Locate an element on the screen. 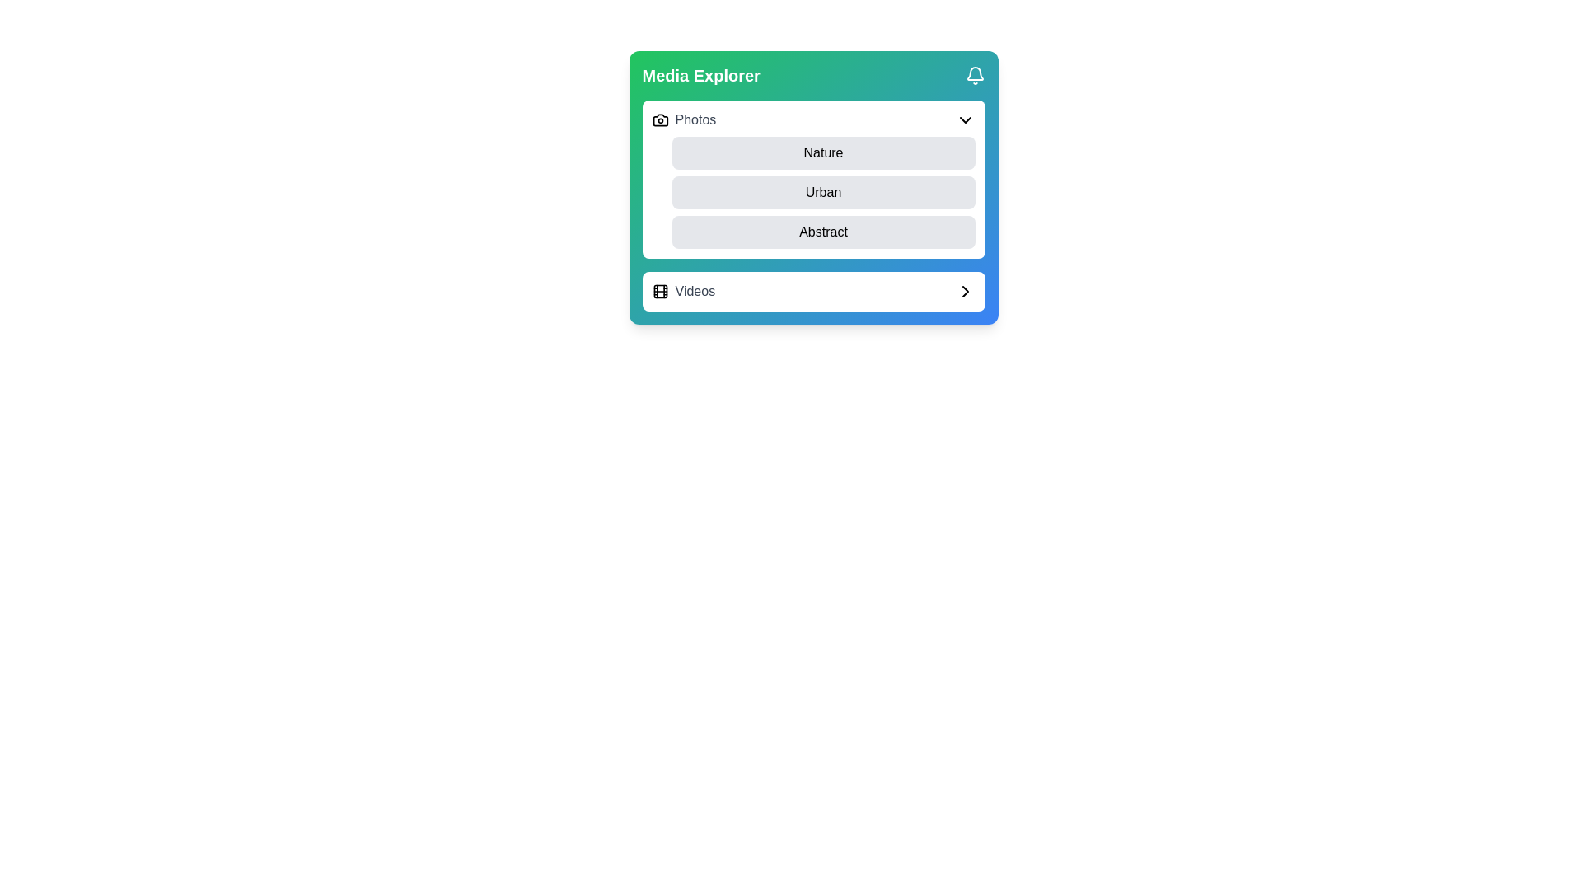 The image size is (1582, 890). the camera-shaped icon on the left side of the 'Photos' text in the Media Explorer card is located at coordinates (684, 119).